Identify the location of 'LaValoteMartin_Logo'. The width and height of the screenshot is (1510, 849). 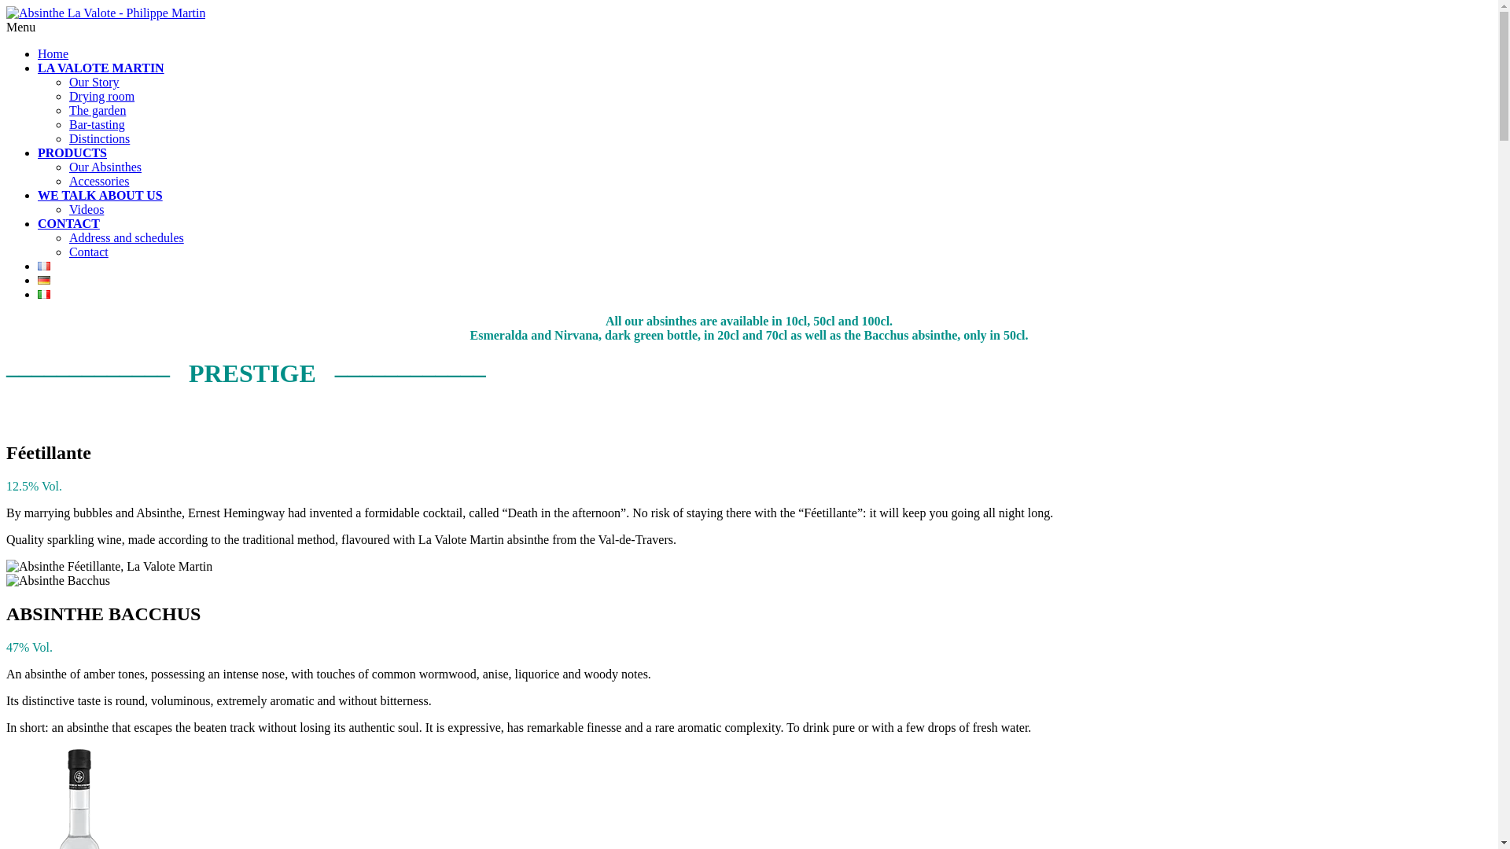
(105, 13).